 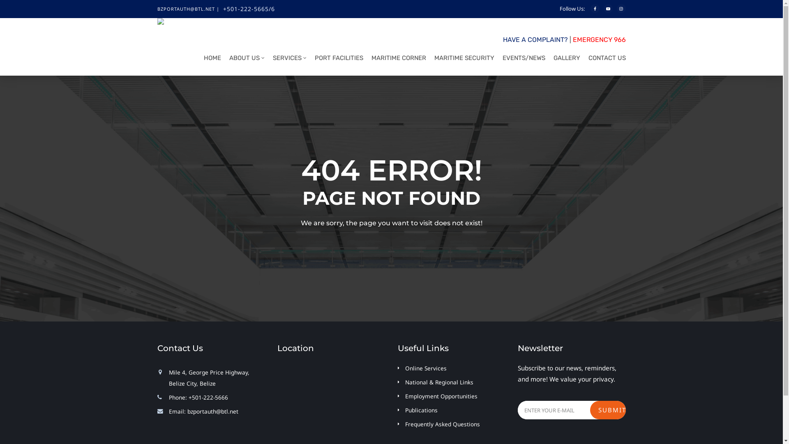 I want to click on 'ABOUT US', so click(x=244, y=60).